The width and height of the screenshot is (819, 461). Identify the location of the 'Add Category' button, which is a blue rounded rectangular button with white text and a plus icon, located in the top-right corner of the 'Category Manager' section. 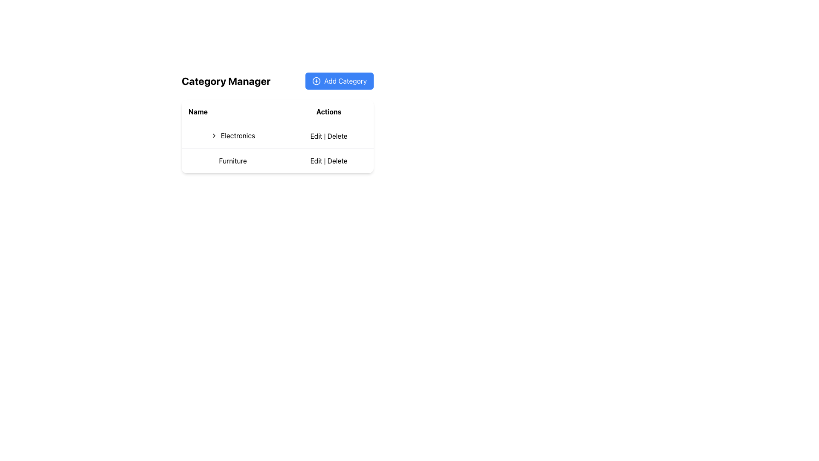
(339, 81).